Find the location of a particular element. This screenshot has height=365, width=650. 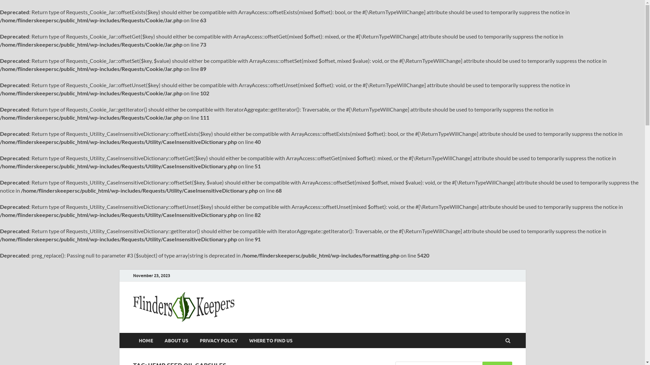

'WHERE TO FIND US' is located at coordinates (243, 340).